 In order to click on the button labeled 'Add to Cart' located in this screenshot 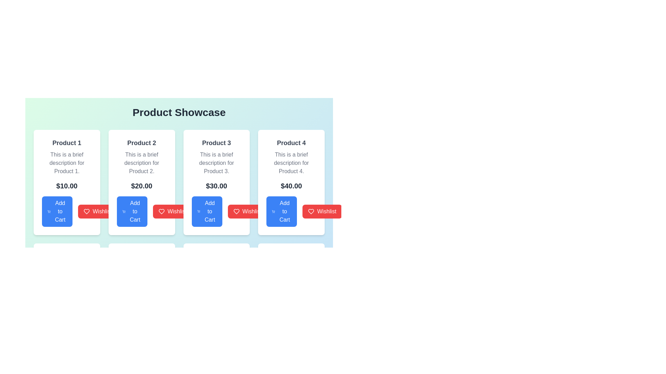, I will do `click(135, 211)`.